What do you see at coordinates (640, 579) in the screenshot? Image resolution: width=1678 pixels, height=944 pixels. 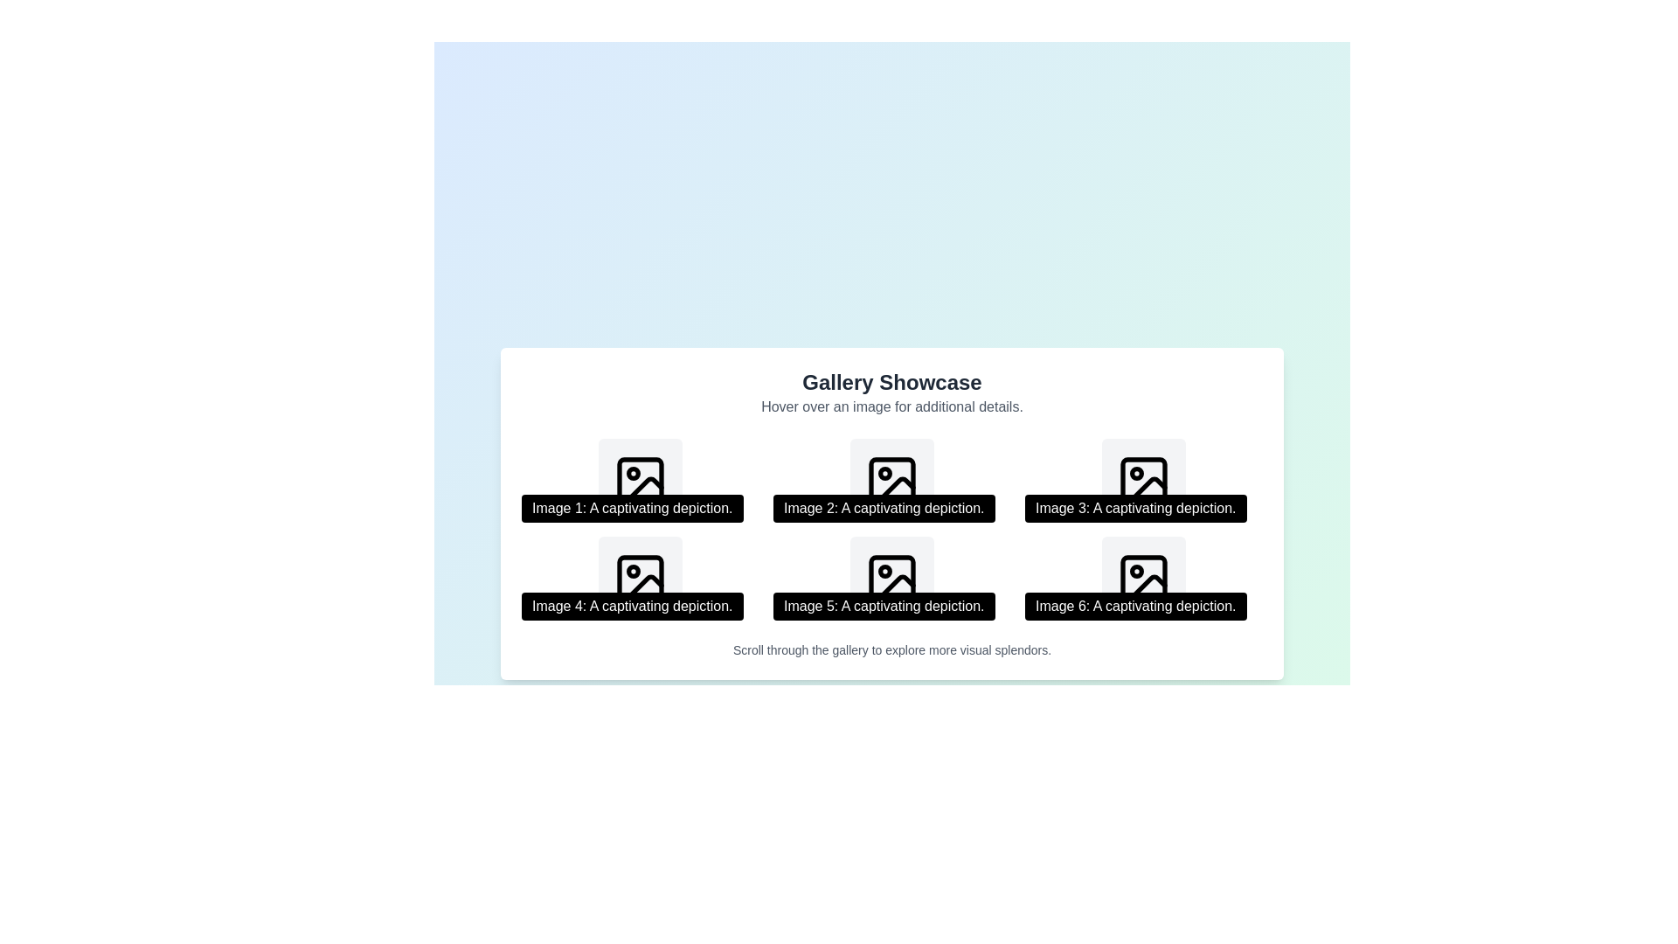 I see `the interactive visual tile featuring an icon with a circle and diagonal line, captioned 'Image 4: A captivating depiction'` at bounding box center [640, 579].